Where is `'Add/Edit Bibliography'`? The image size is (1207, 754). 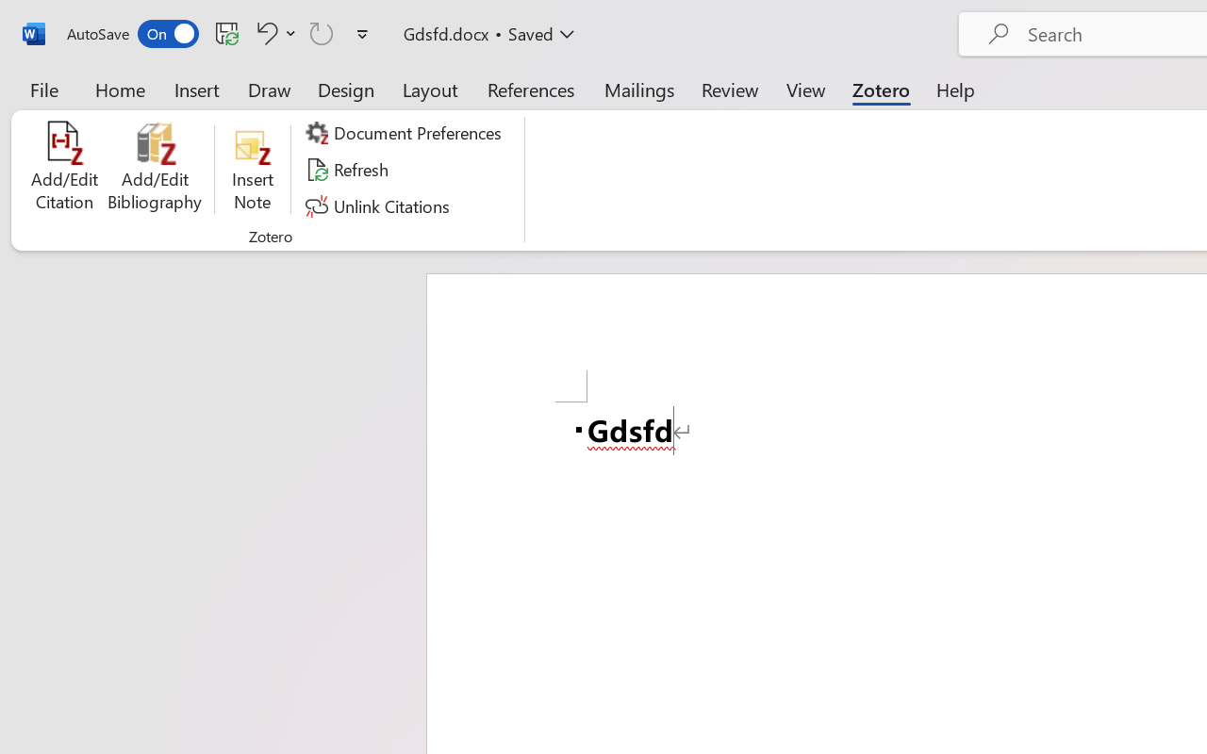 'Add/Edit Bibliography' is located at coordinates (155, 169).